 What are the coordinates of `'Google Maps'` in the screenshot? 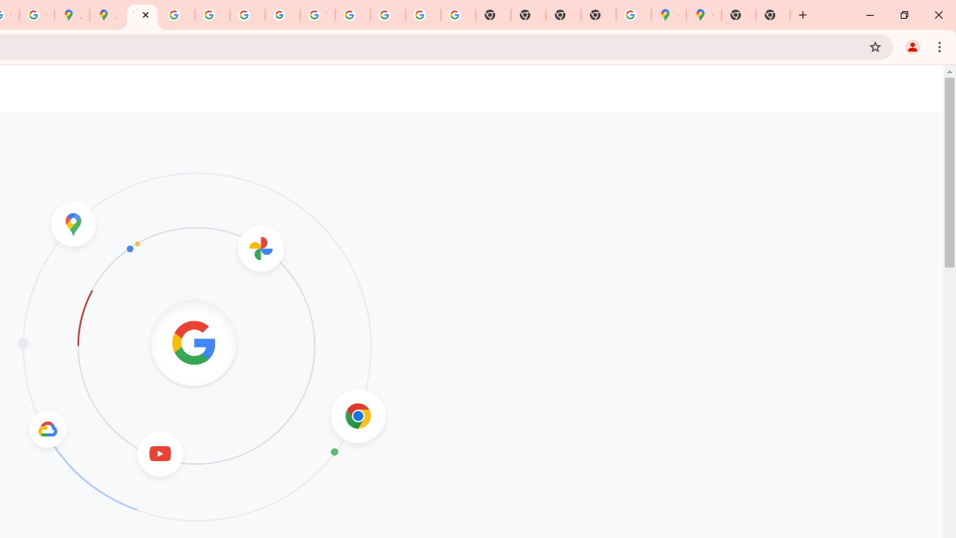 It's located at (703, 15).